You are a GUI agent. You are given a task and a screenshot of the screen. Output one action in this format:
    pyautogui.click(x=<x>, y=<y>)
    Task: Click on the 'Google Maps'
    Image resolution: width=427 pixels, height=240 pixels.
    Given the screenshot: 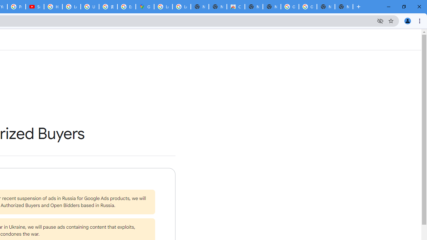 What is the action you would take?
    pyautogui.click(x=144, y=7)
    